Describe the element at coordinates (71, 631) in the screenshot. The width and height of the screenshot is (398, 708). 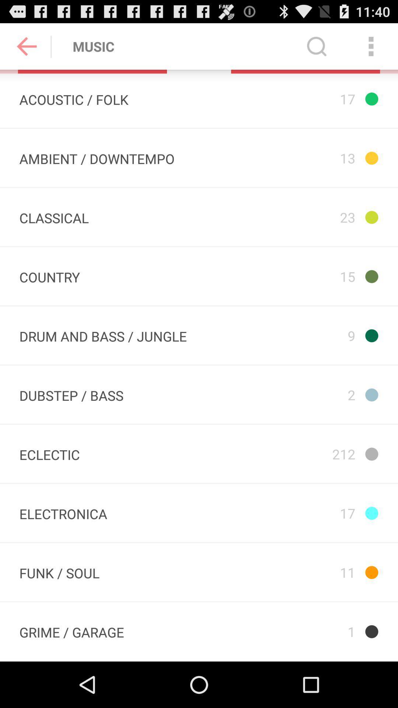
I see `the app to the left of the 11 icon` at that location.